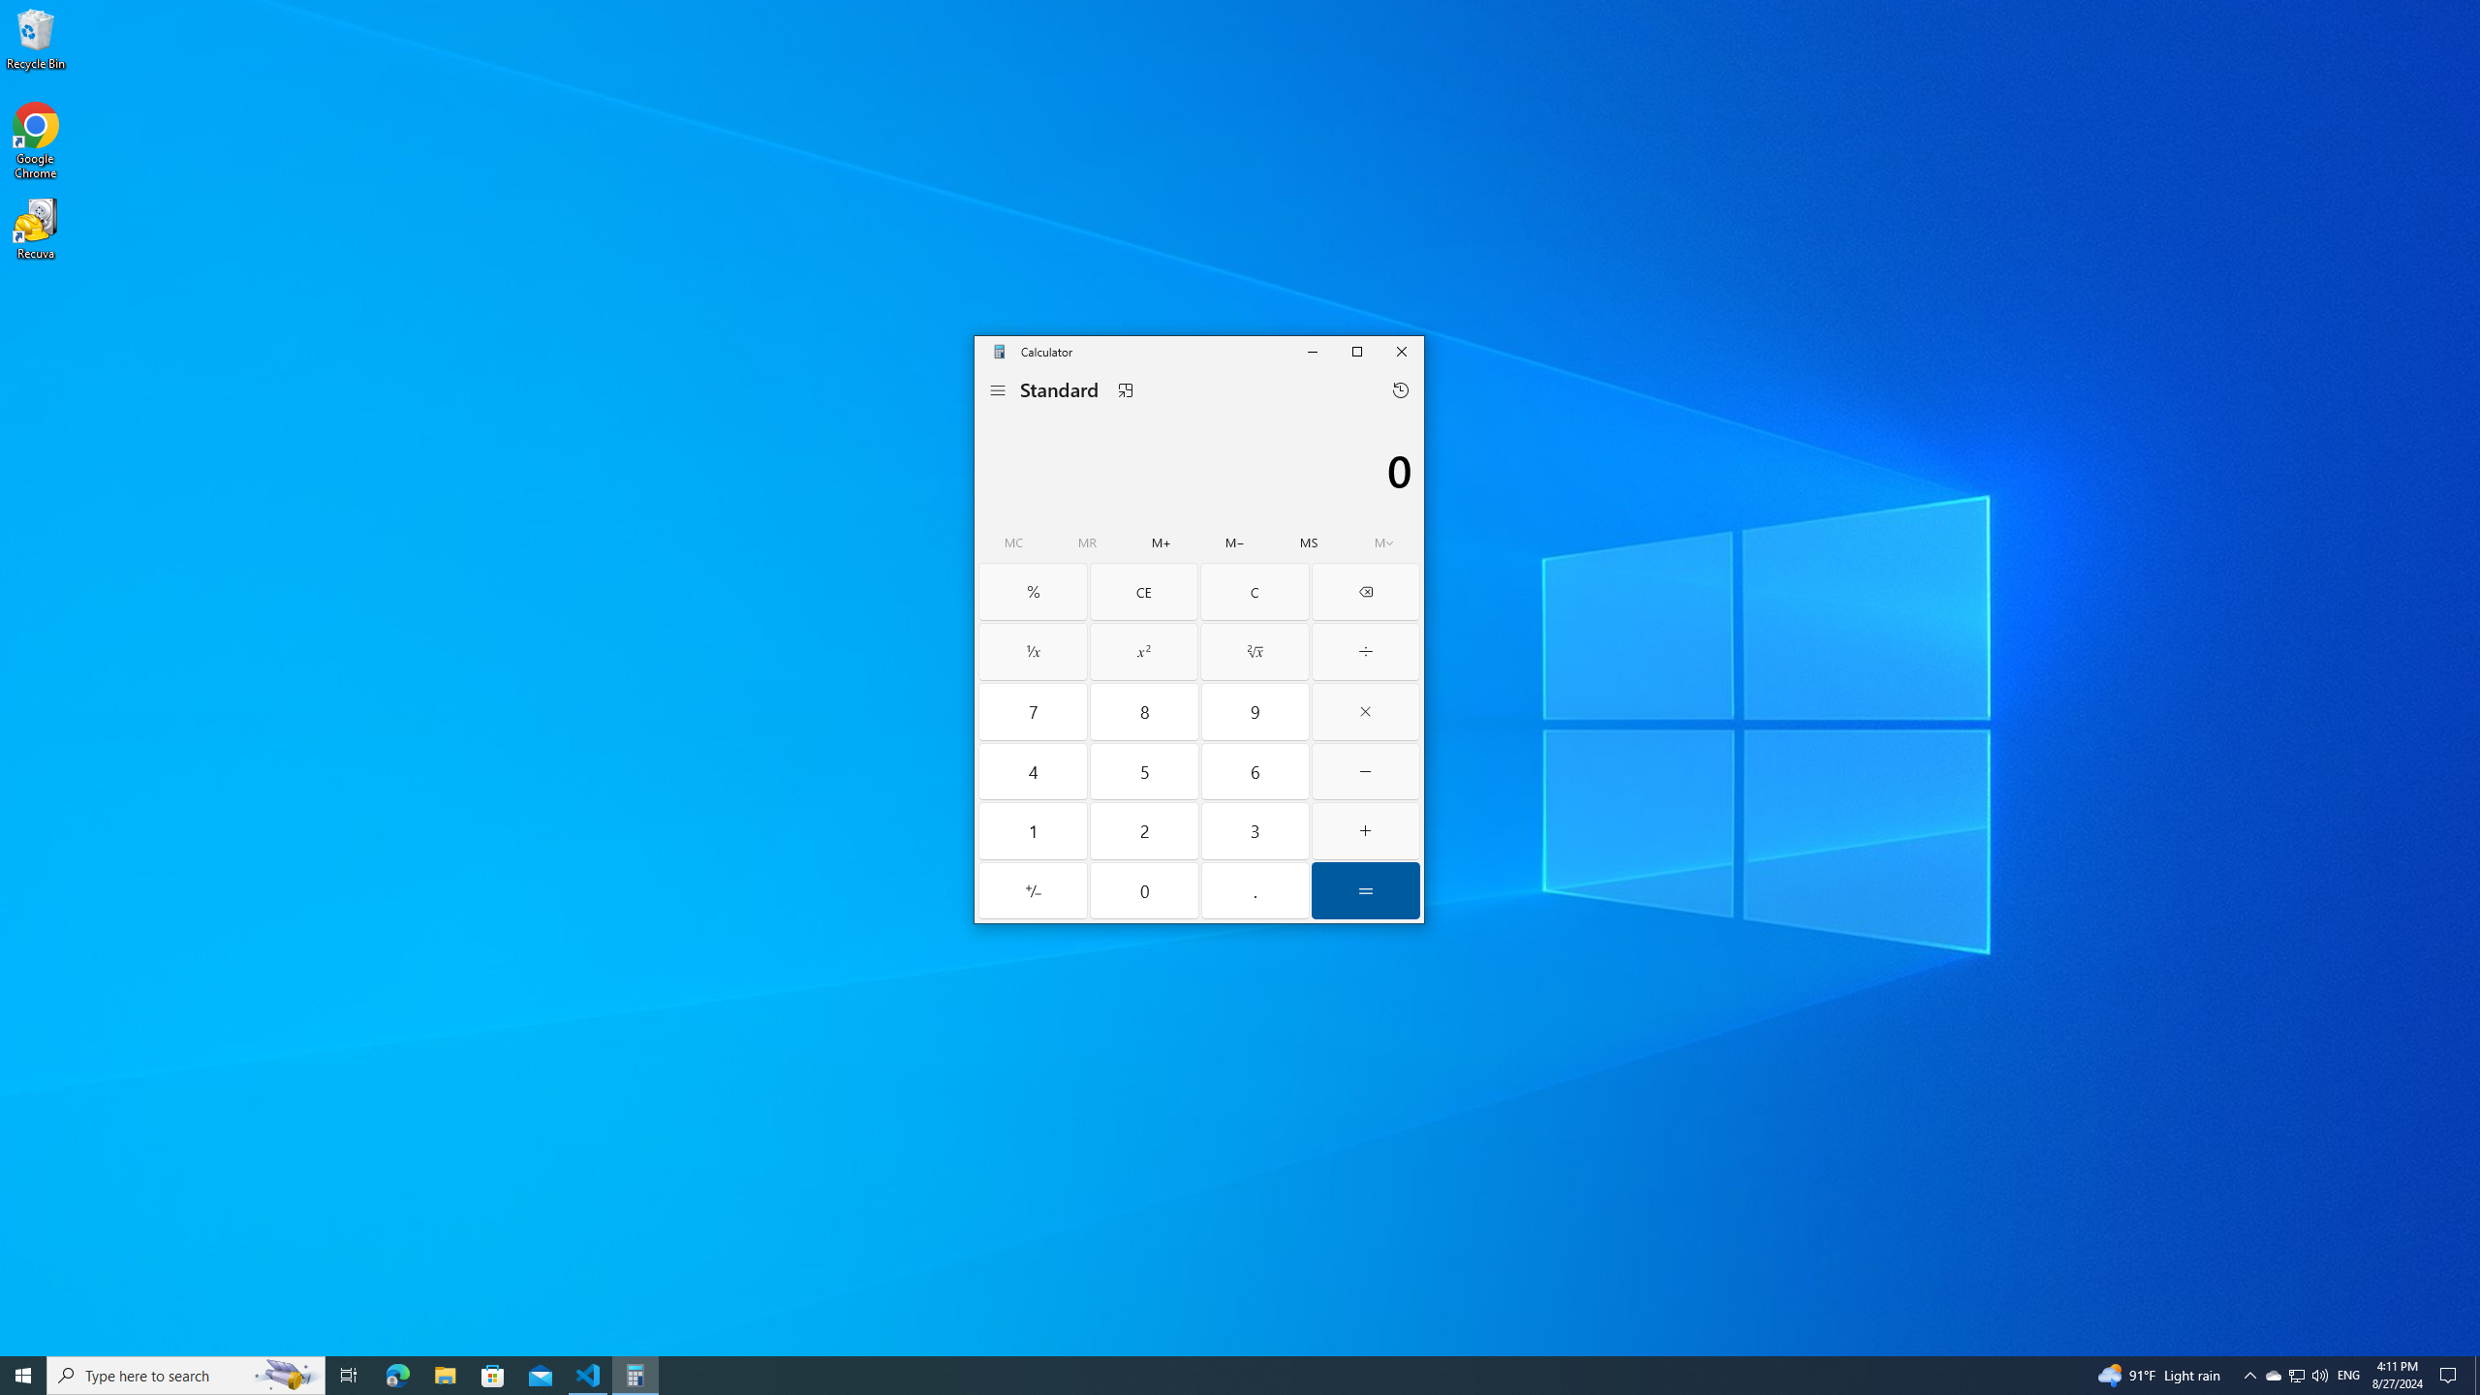  Describe the element at coordinates (1311, 350) in the screenshot. I see `'Minimize Calculator'` at that location.